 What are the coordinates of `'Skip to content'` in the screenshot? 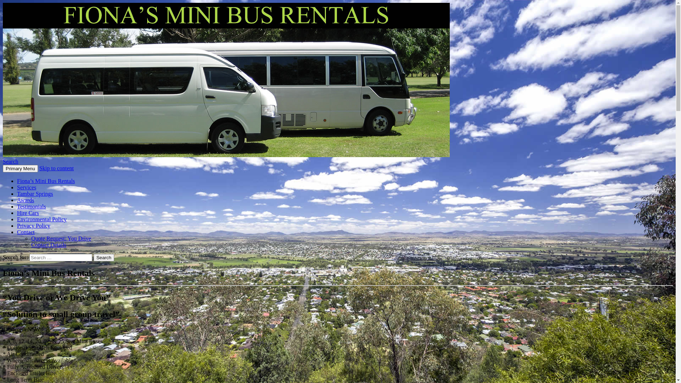 It's located at (56, 168).